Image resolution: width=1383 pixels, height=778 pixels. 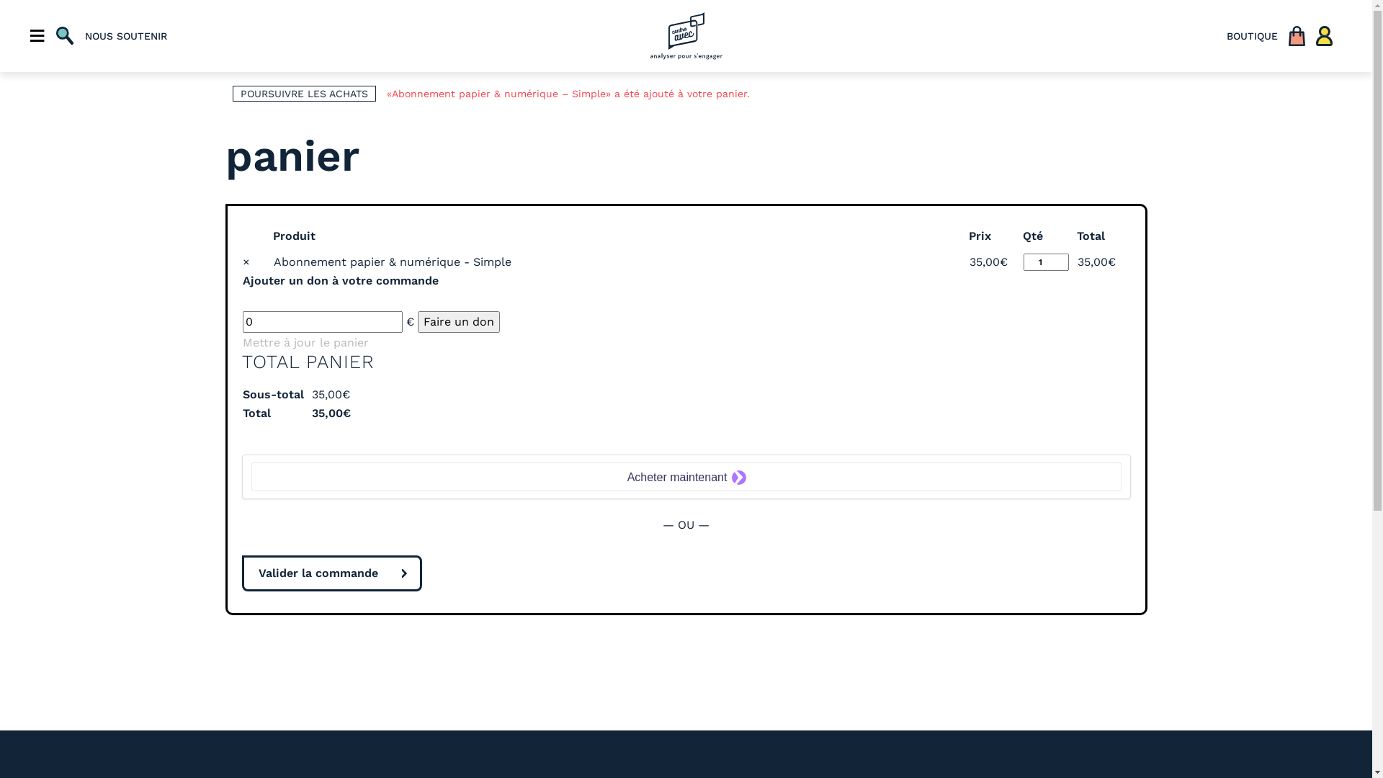 I want to click on 'BOUTIQUE', so click(x=1251, y=35).